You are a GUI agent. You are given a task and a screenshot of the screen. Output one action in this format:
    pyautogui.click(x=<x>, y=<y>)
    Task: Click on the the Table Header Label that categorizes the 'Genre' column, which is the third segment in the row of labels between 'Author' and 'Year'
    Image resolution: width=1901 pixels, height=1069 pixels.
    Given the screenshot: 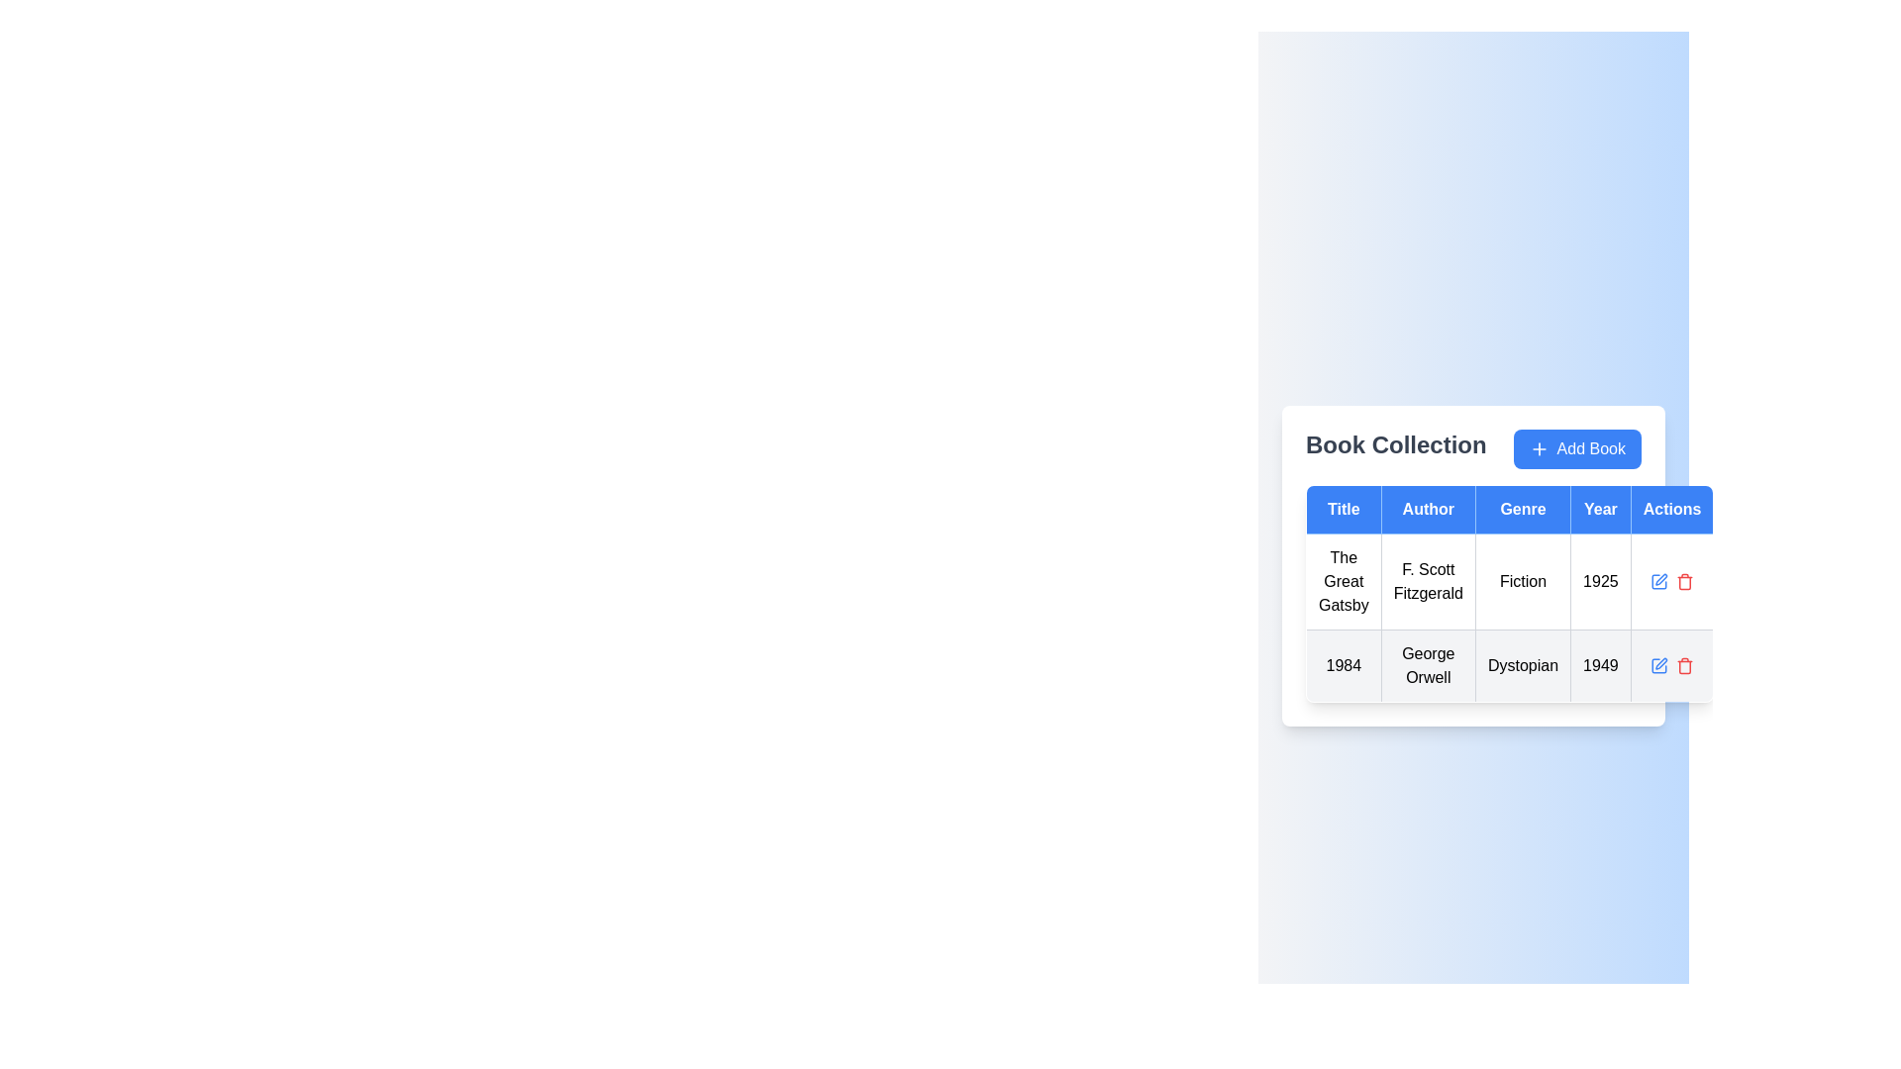 What is the action you would take?
    pyautogui.click(x=1522, y=509)
    